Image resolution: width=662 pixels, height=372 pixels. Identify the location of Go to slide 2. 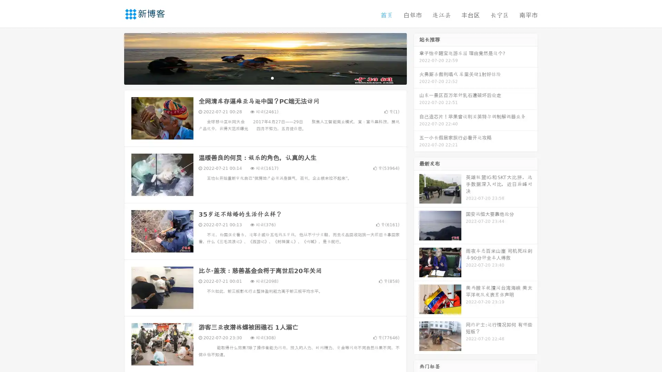
(265, 77).